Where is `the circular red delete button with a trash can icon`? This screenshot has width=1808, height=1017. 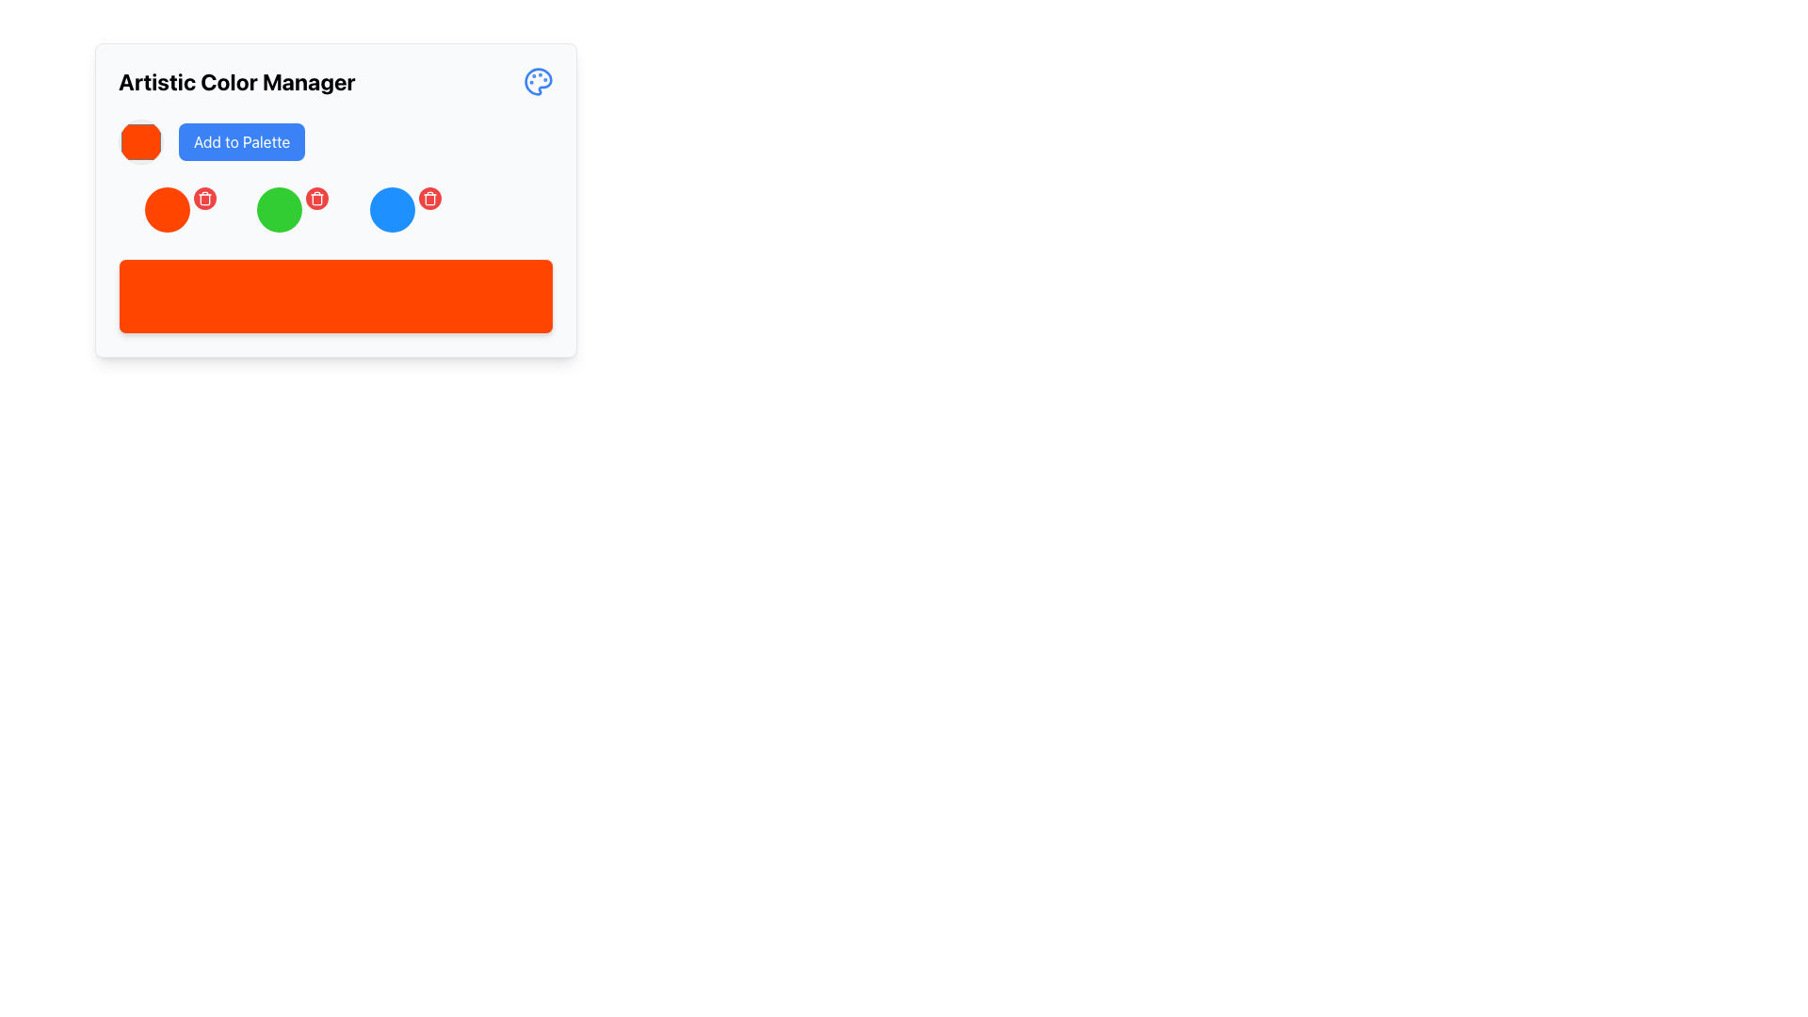
the circular red delete button with a trash can icon is located at coordinates (204, 199).